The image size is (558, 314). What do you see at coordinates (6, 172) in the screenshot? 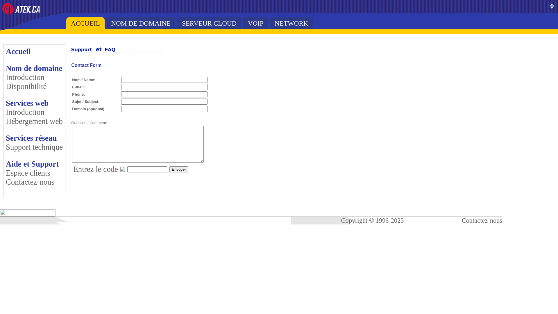
I see `'Espace clients'` at bounding box center [6, 172].